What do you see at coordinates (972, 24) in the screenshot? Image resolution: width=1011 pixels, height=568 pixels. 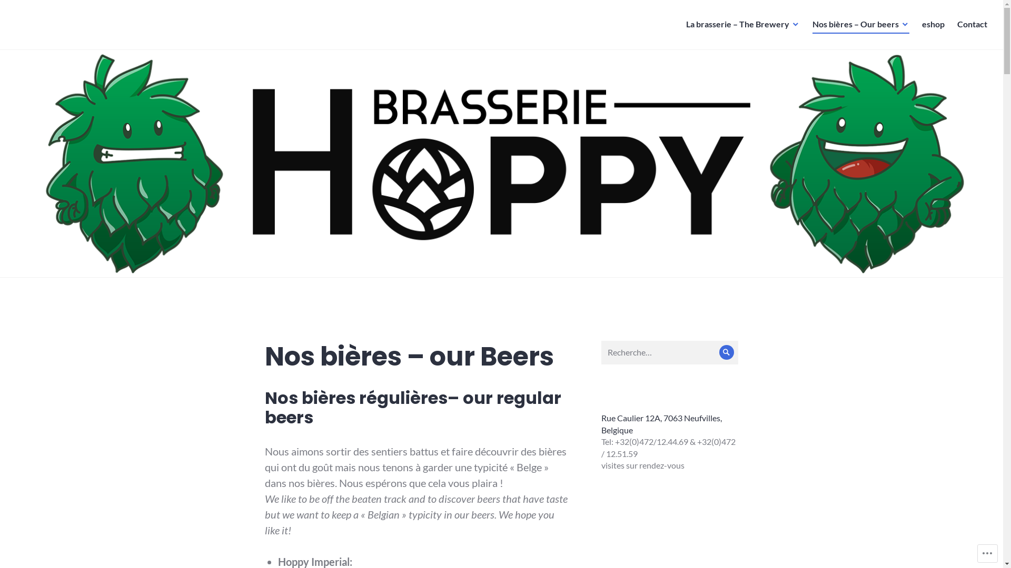 I see `'Contact'` at bounding box center [972, 24].